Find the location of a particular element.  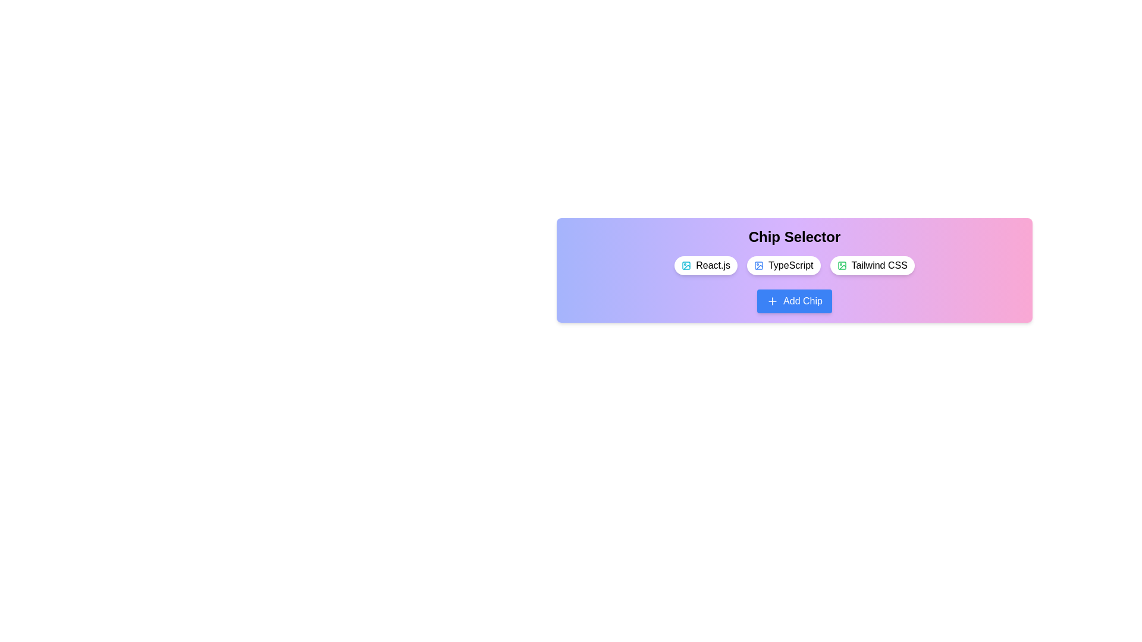

the design of the icon located within the 'Add Chip' button, which is positioned to the left of the text is located at coordinates (773, 300).